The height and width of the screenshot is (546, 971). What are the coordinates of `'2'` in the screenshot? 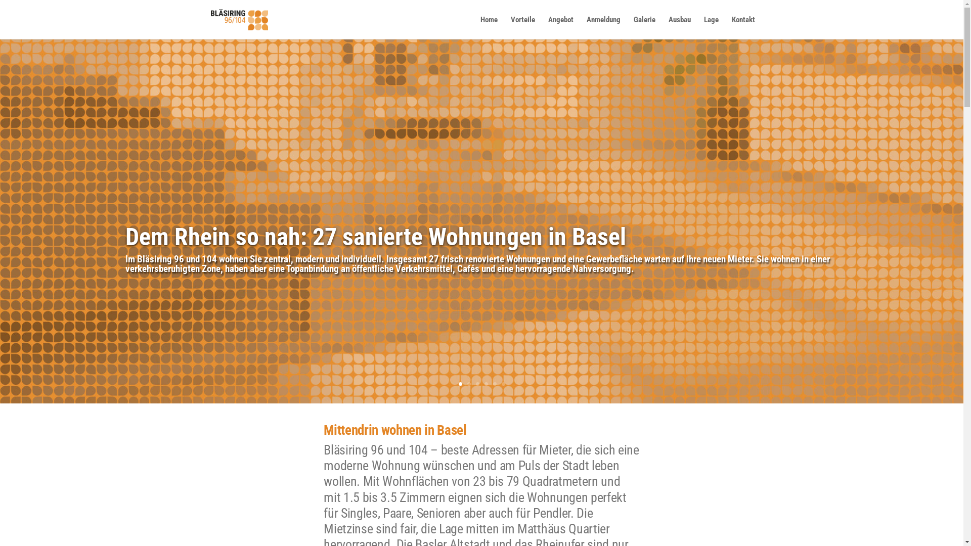 It's located at (468, 384).